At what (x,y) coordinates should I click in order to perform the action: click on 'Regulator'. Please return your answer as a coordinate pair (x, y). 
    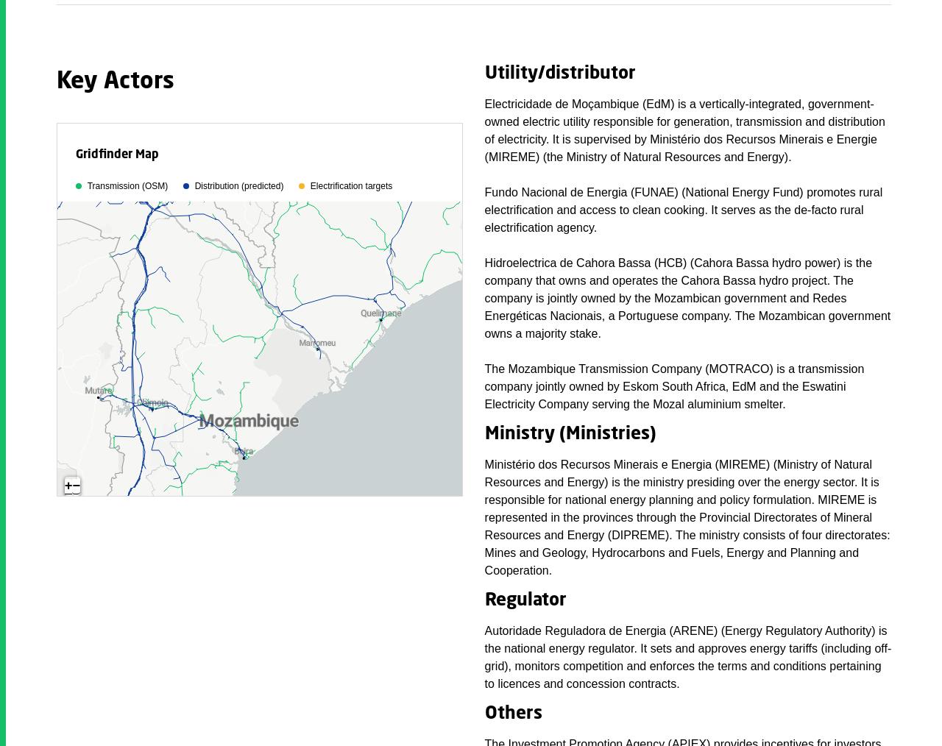
    Looking at the image, I should click on (484, 600).